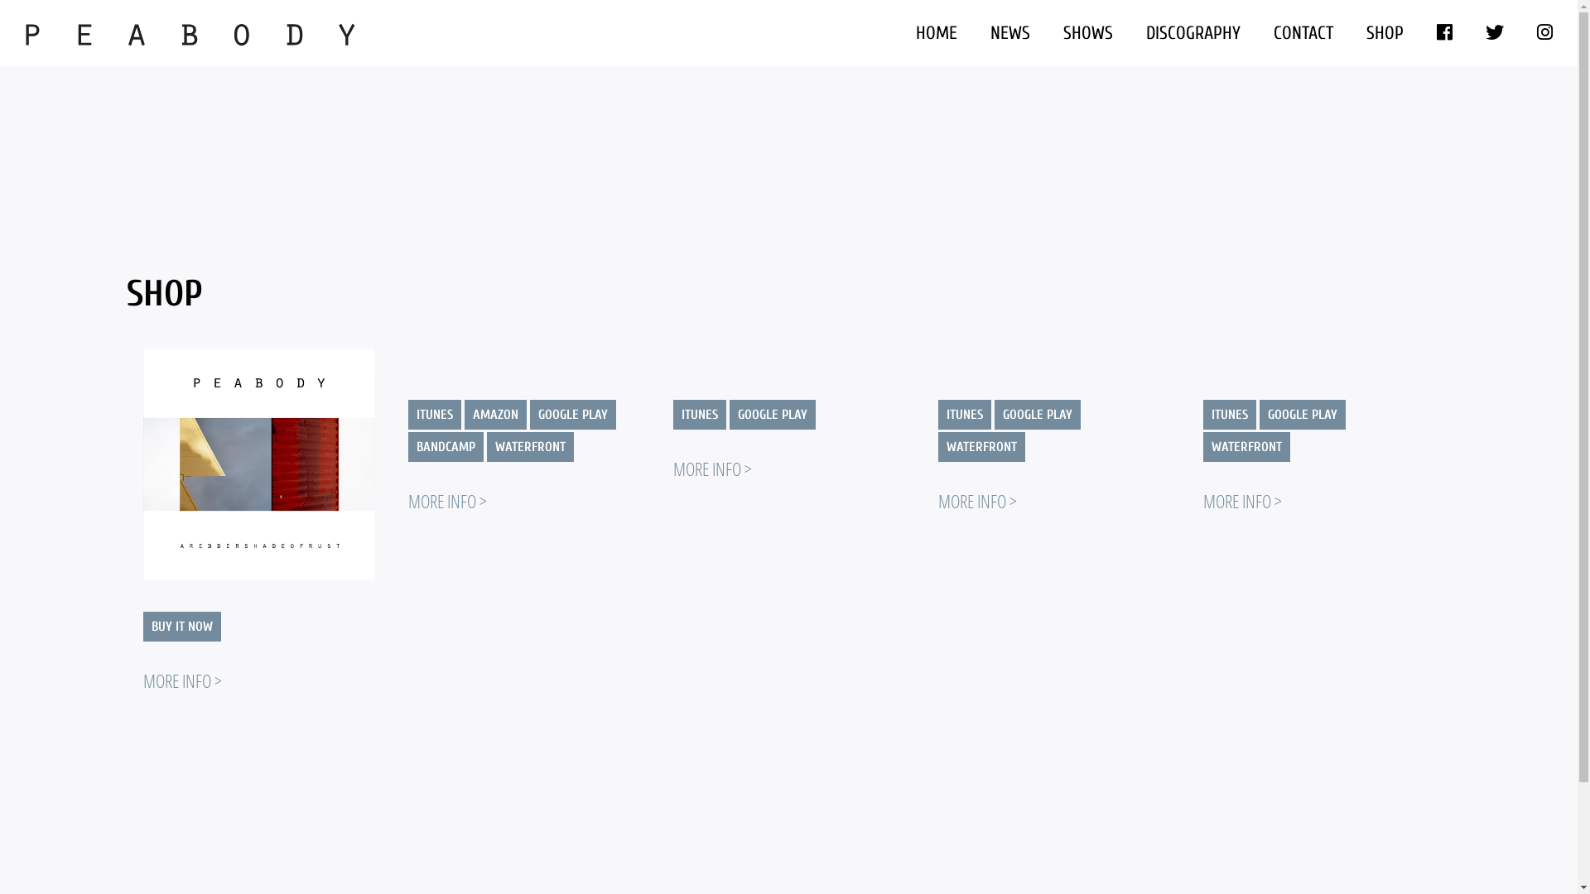 This screenshot has height=894, width=1590. Describe the element at coordinates (980, 447) in the screenshot. I see `'WATERFRONT'` at that location.